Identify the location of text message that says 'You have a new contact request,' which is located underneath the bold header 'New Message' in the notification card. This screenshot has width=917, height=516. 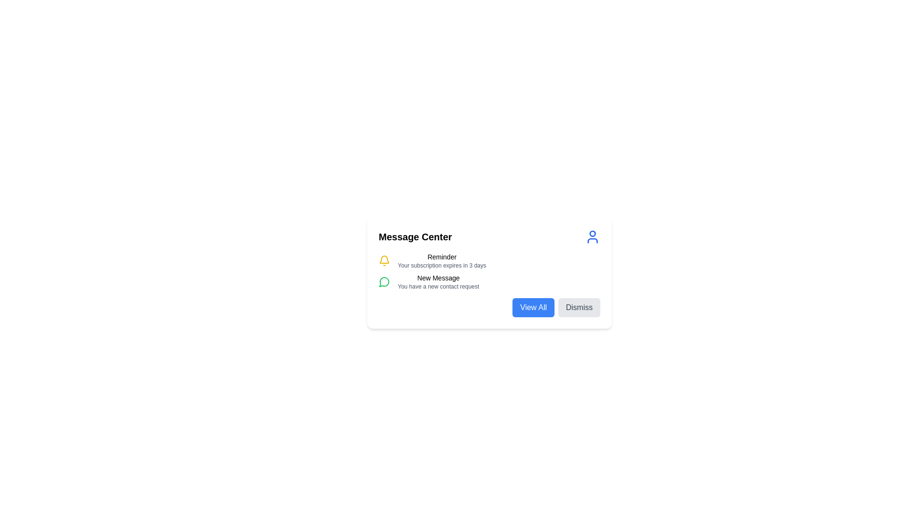
(438, 286).